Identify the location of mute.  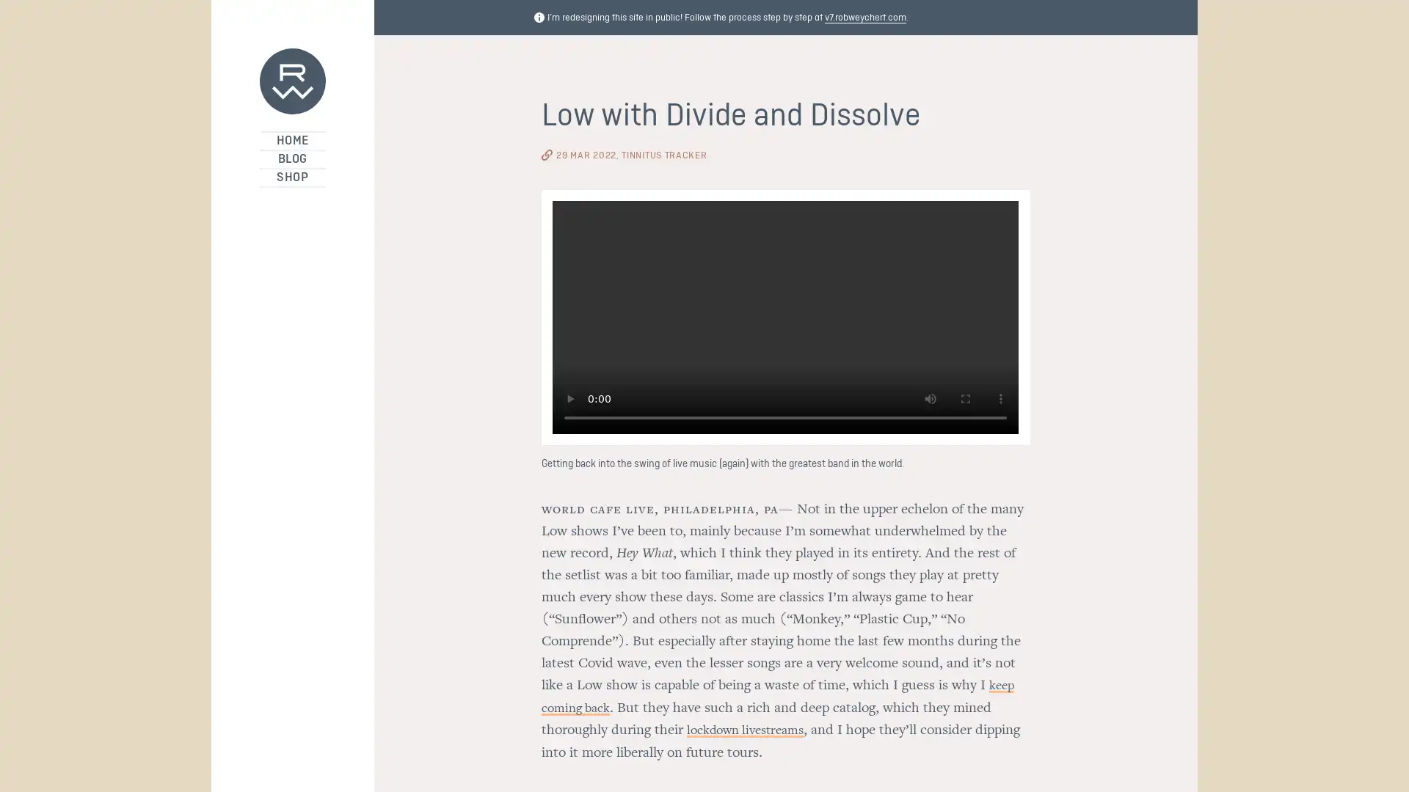
(929, 401).